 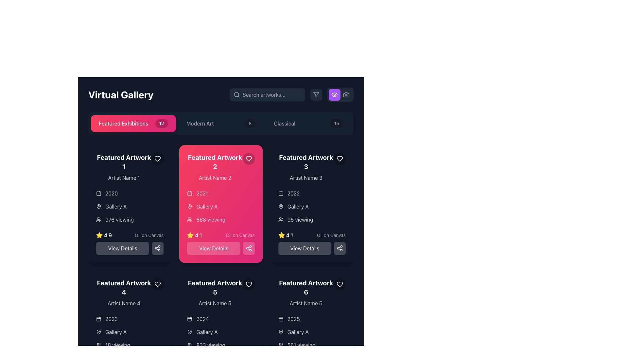 What do you see at coordinates (130, 318) in the screenshot?
I see `the text '2023' with the calendar icon on the left, which is part of the 'Featured Artwork 4' section for informational purposes` at bounding box center [130, 318].